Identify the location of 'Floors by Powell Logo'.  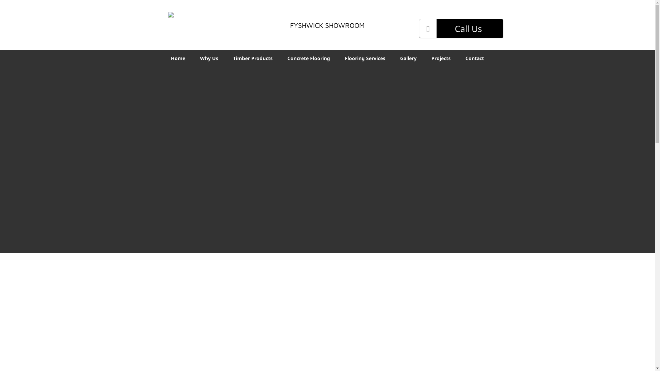
(193, 22).